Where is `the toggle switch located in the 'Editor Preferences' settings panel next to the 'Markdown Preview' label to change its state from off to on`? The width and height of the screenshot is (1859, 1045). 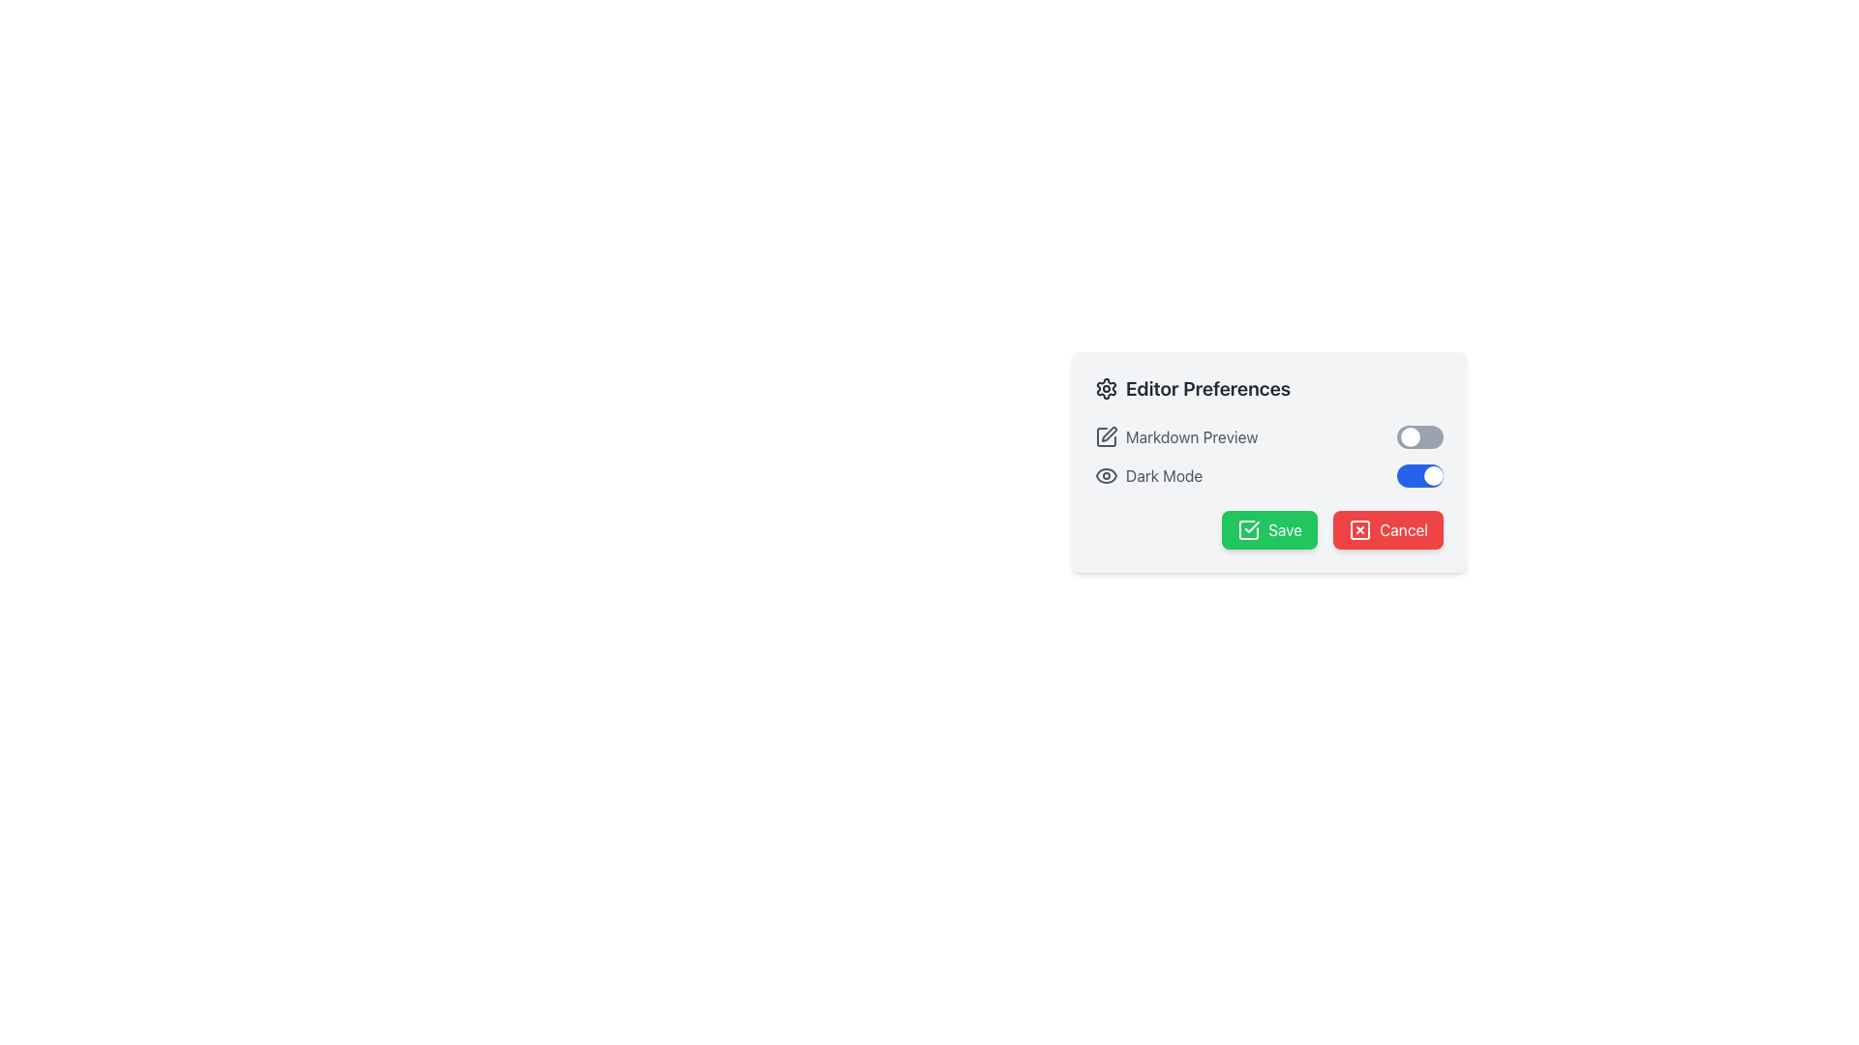
the toggle switch located in the 'Editor Preferences' settings panel next to the 'Markdown Preview' label to change its state from off to on is located at coordinates (1420, 436).